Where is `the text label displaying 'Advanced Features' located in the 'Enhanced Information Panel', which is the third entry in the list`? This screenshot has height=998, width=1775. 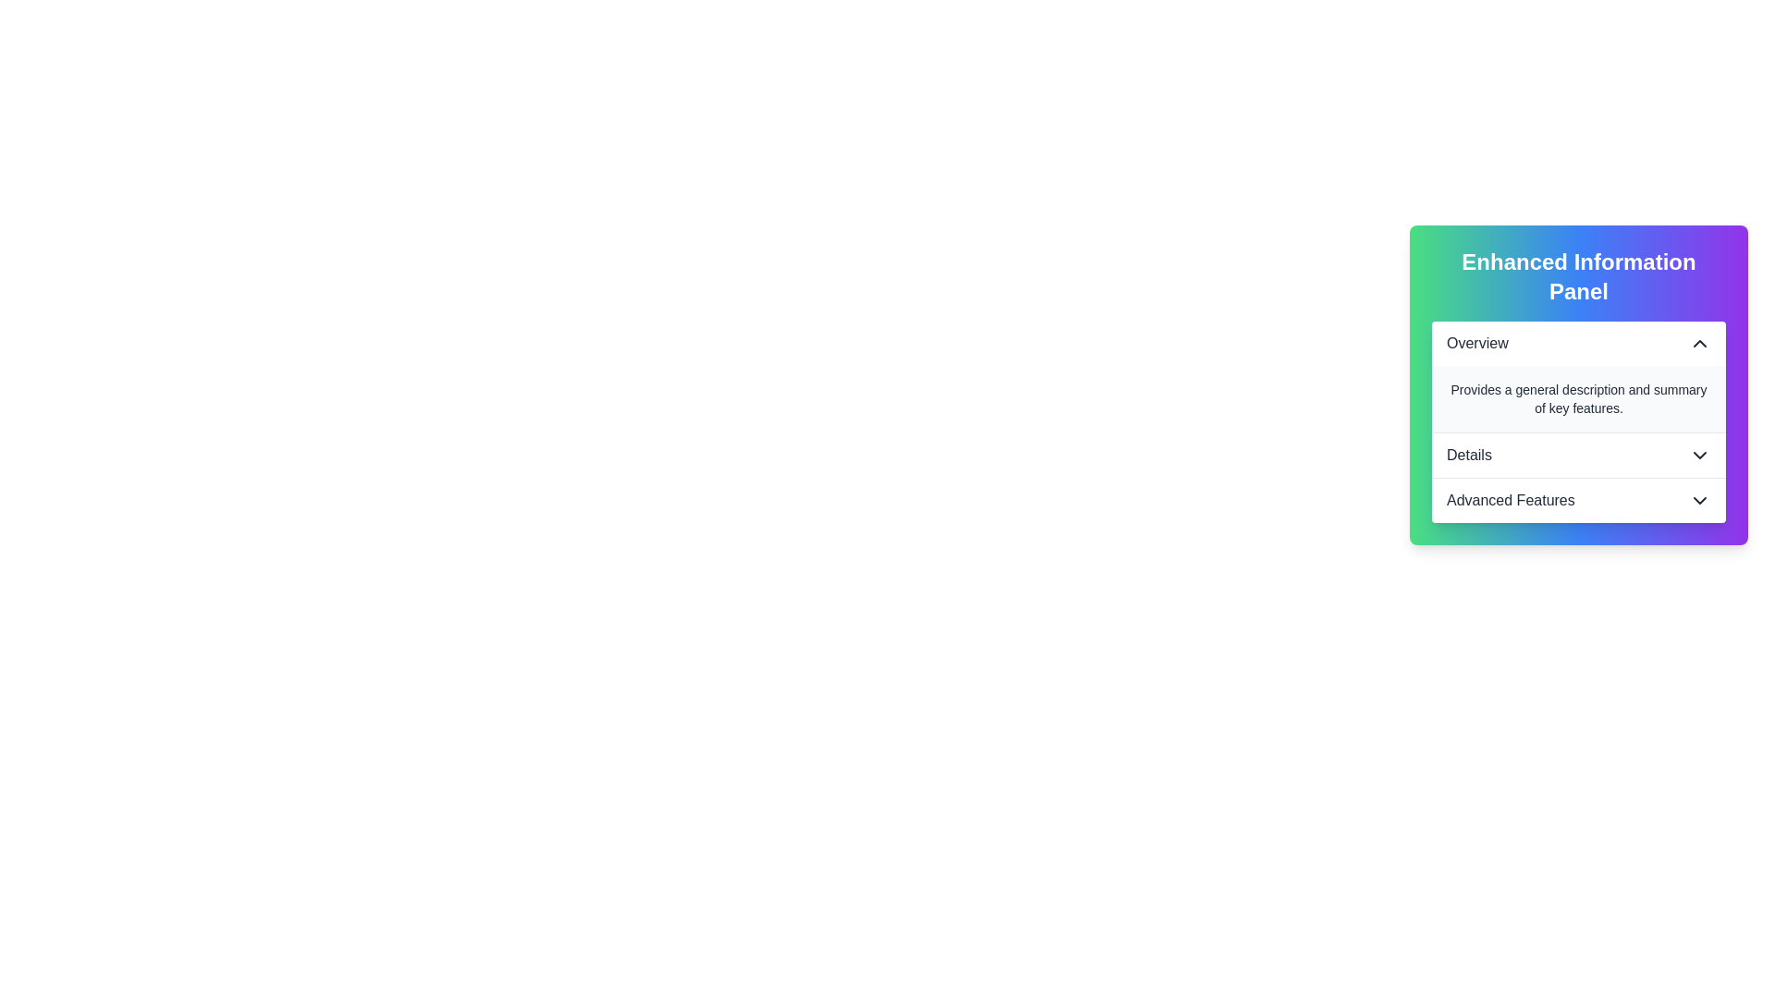 the text label displaying 'Advanced Features' located in the 'Enhanced Information Panel', which is the third entry in the list is located at coordinates (1511, 501).